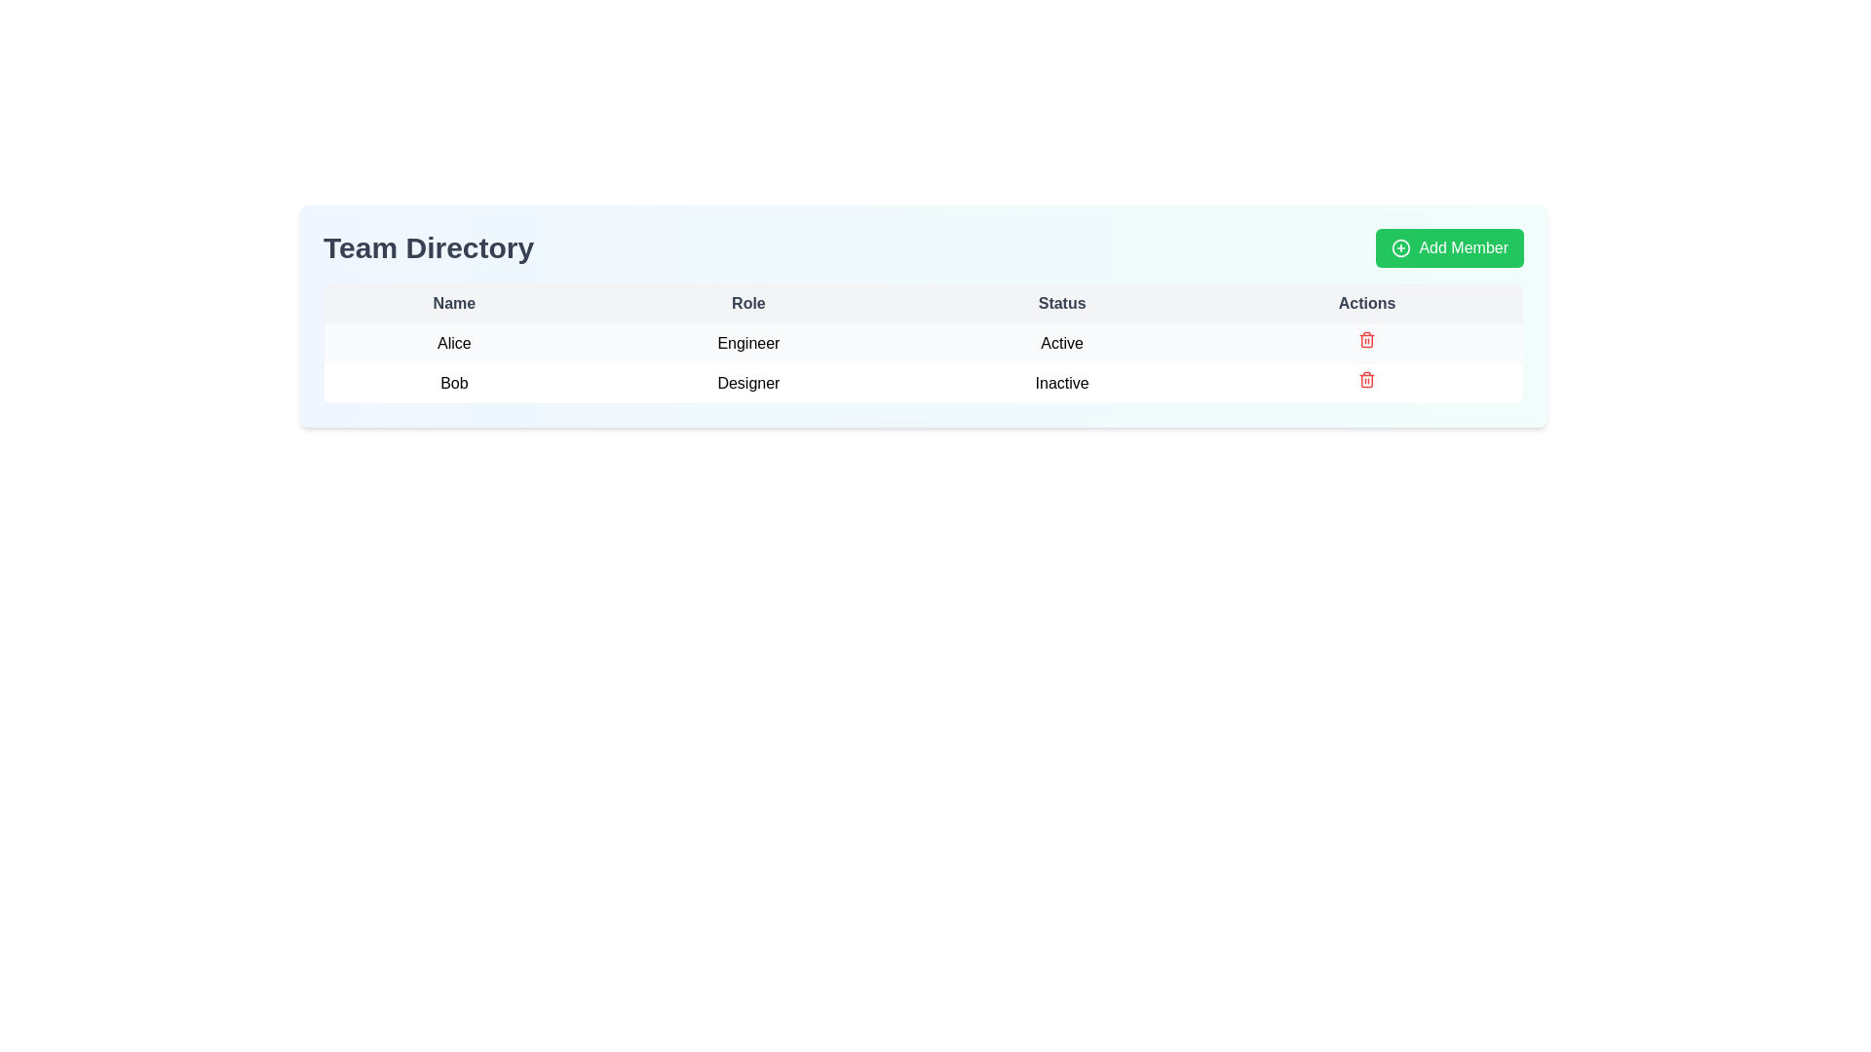  What do you see at coordinates (453, 383) in the screenshot?
I see `text displayed in the label named 'Bob', located in the second row of the table under the 'Name' column` at bounding box center [453, 383].